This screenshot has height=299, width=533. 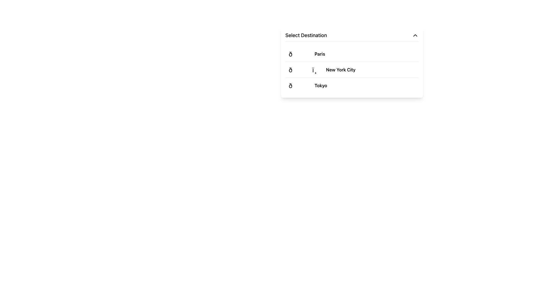 I want to click on the 'New York City' option in the dropdown list labeled 'Select Destination', so click(x=351, y=69).